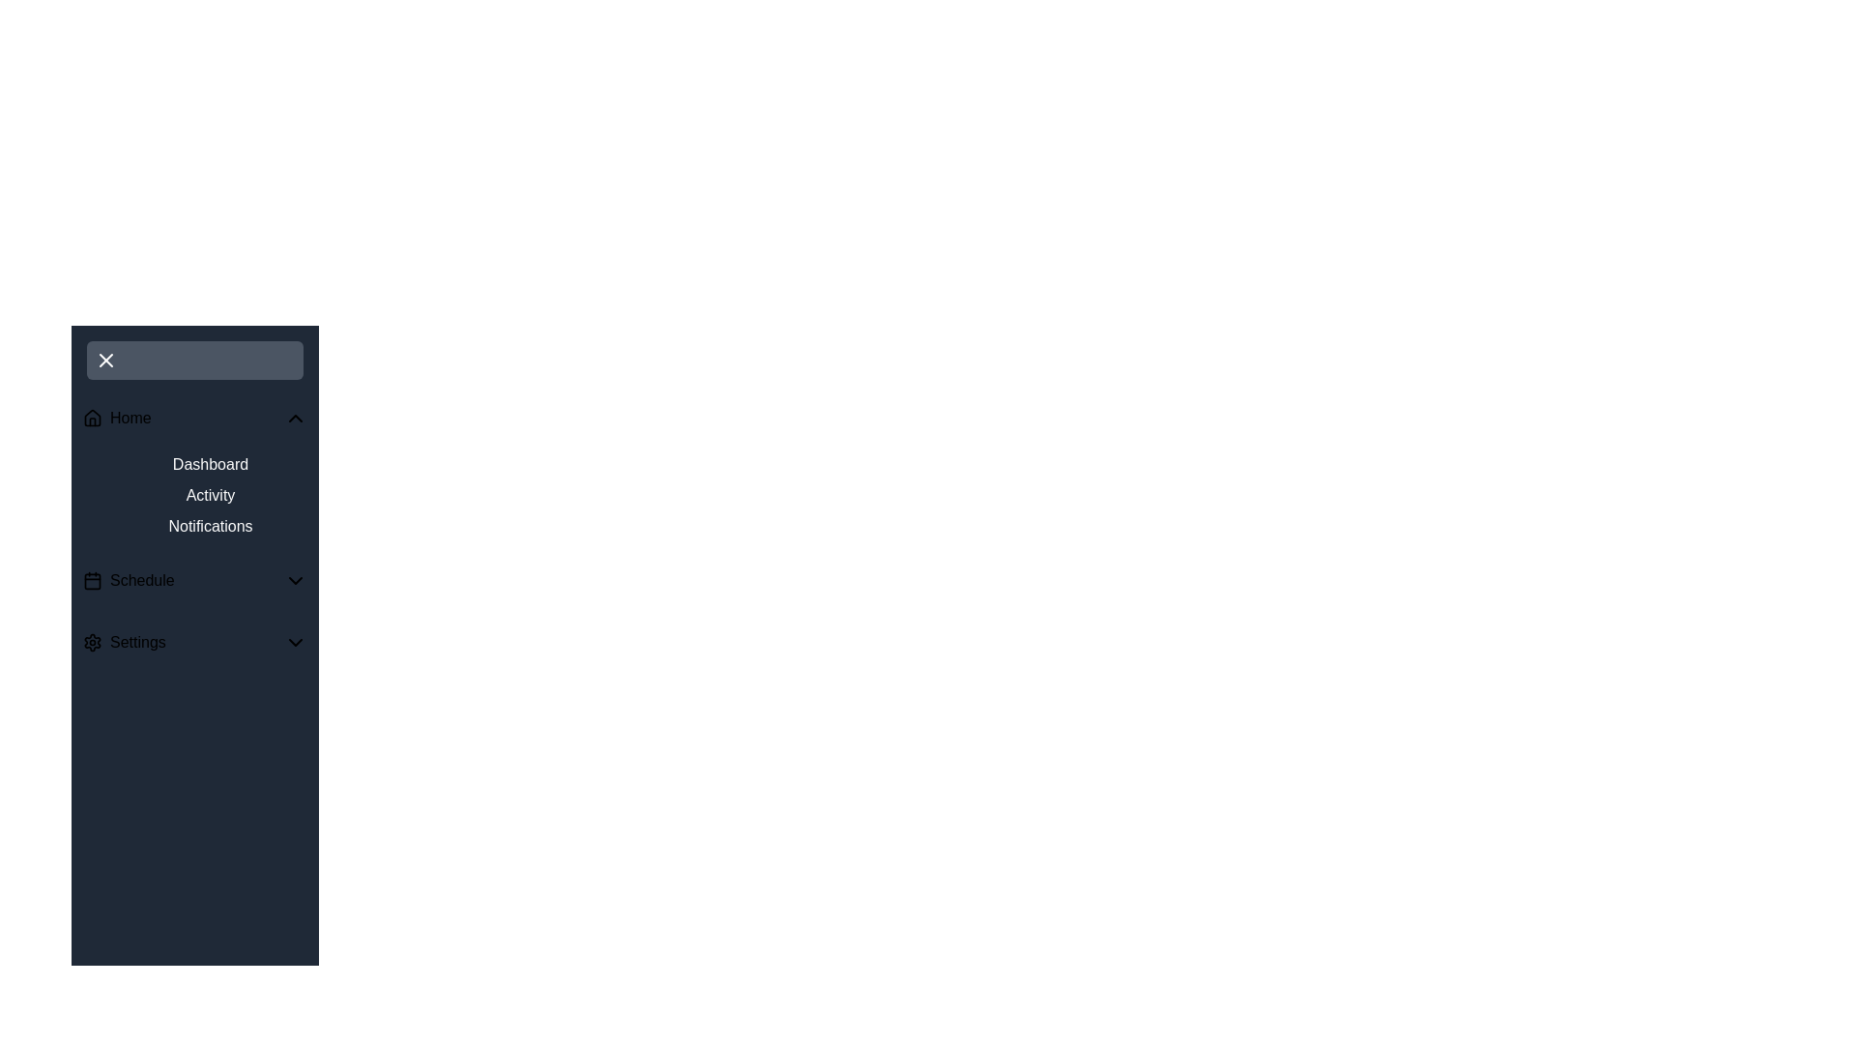  Describe the element at coordinates (92, 580) in the screenshot. I see `the central rectangular area of the calendar icon located in the sidebar menu` at that location.